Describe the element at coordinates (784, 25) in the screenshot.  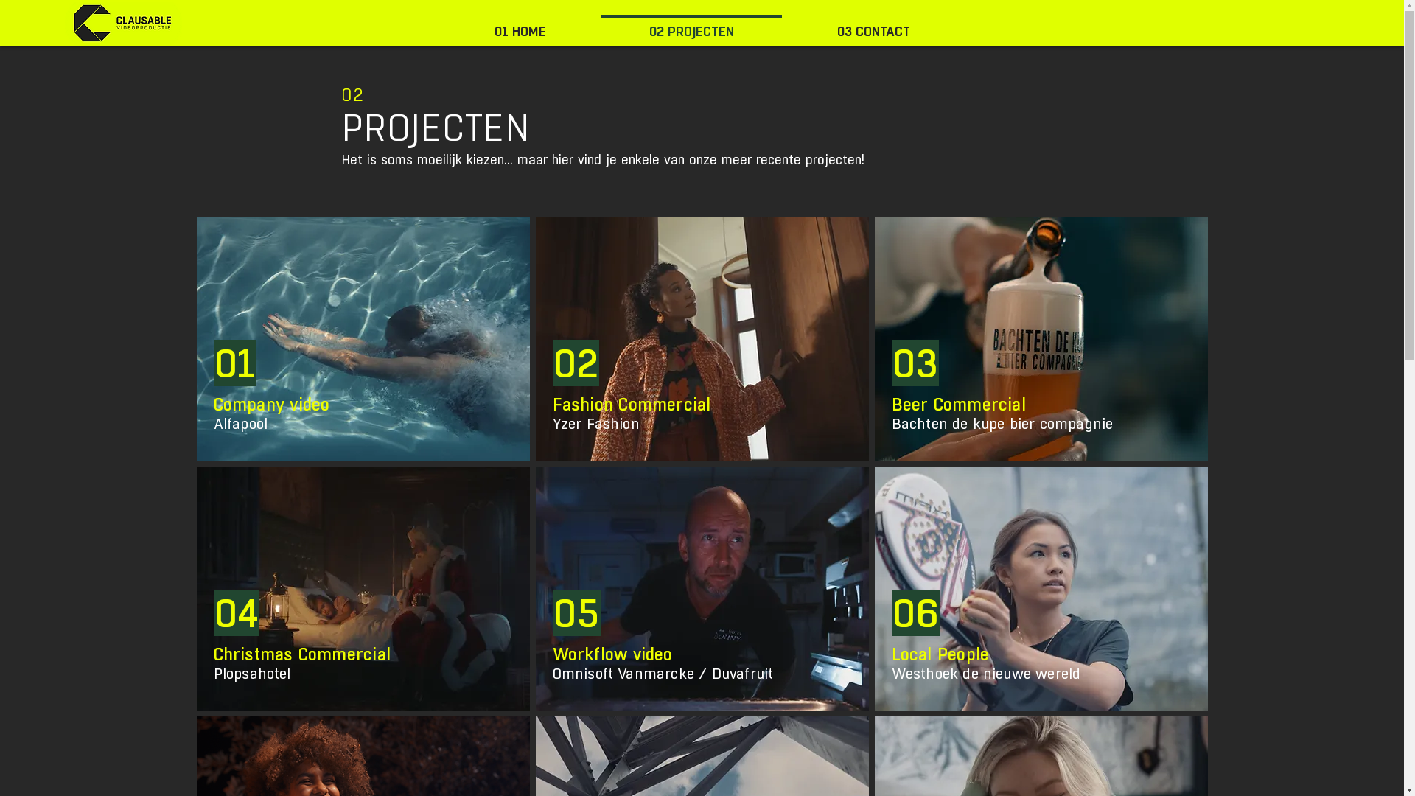
I see `'03 CONTACT'` at that location.